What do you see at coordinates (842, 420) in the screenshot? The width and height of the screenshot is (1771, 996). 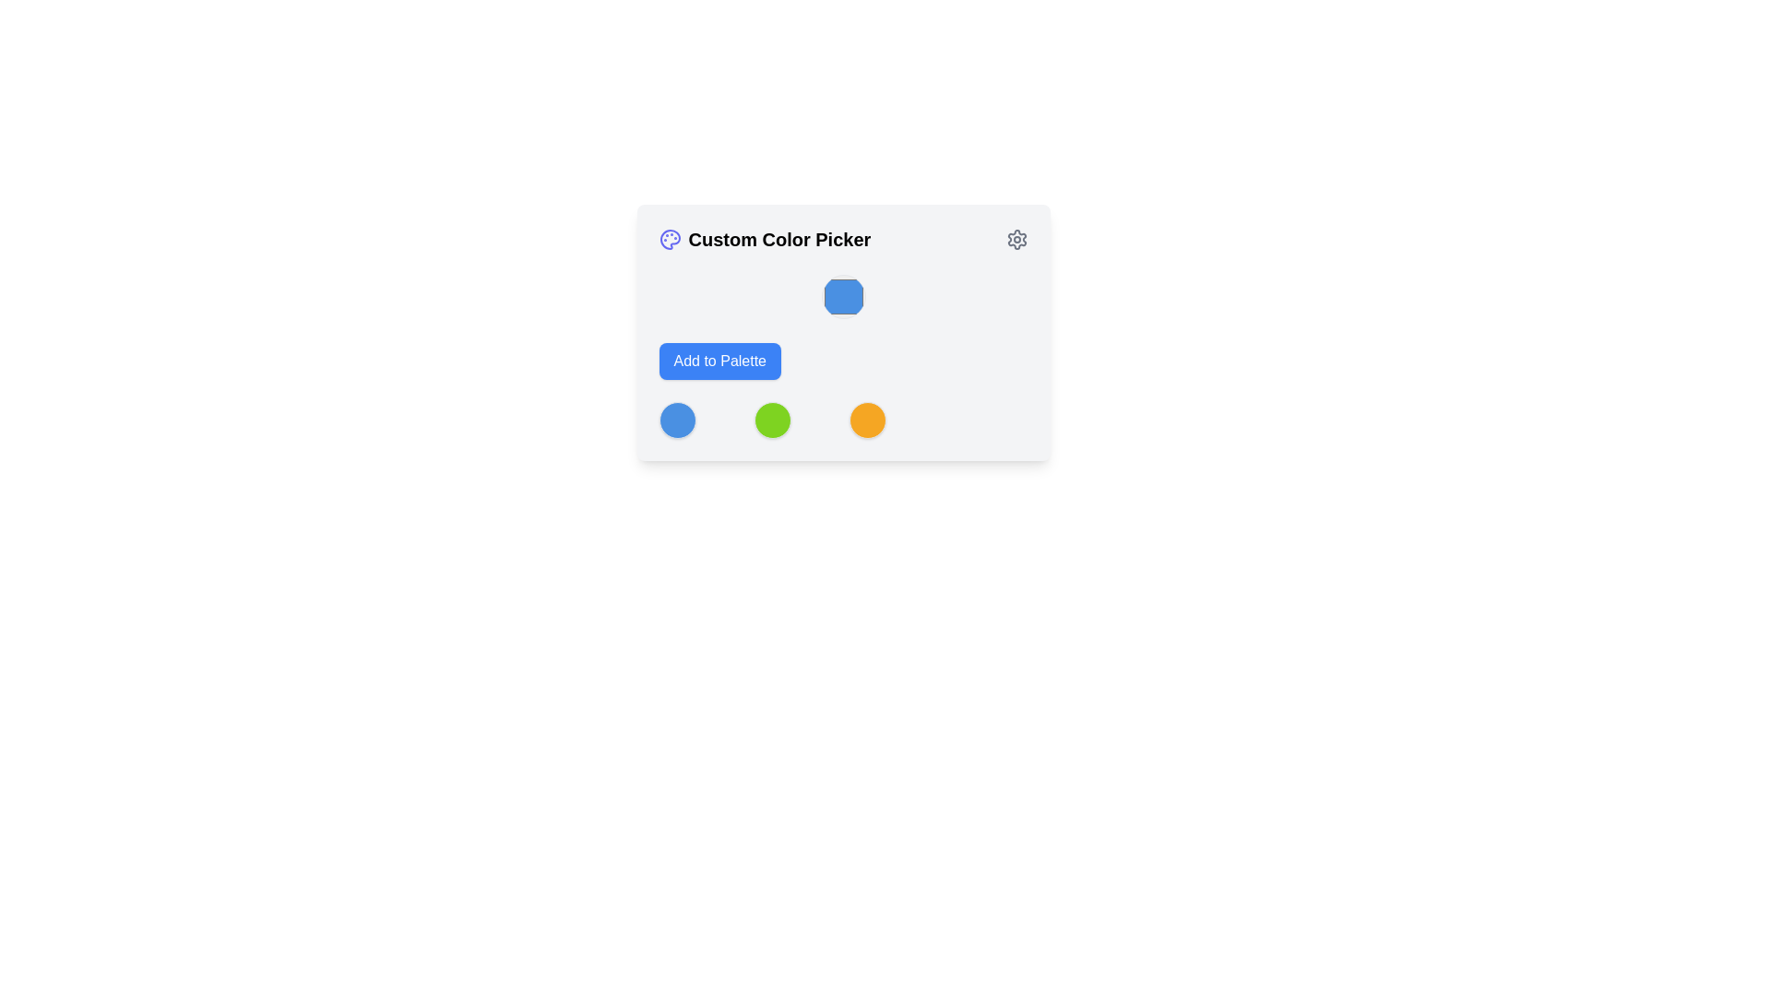 I see `the blue, green, and orange circles in the Interactive color selection grid located in the bottom section of the 'Custom Color Picker'` at bounding box center [842, 420].